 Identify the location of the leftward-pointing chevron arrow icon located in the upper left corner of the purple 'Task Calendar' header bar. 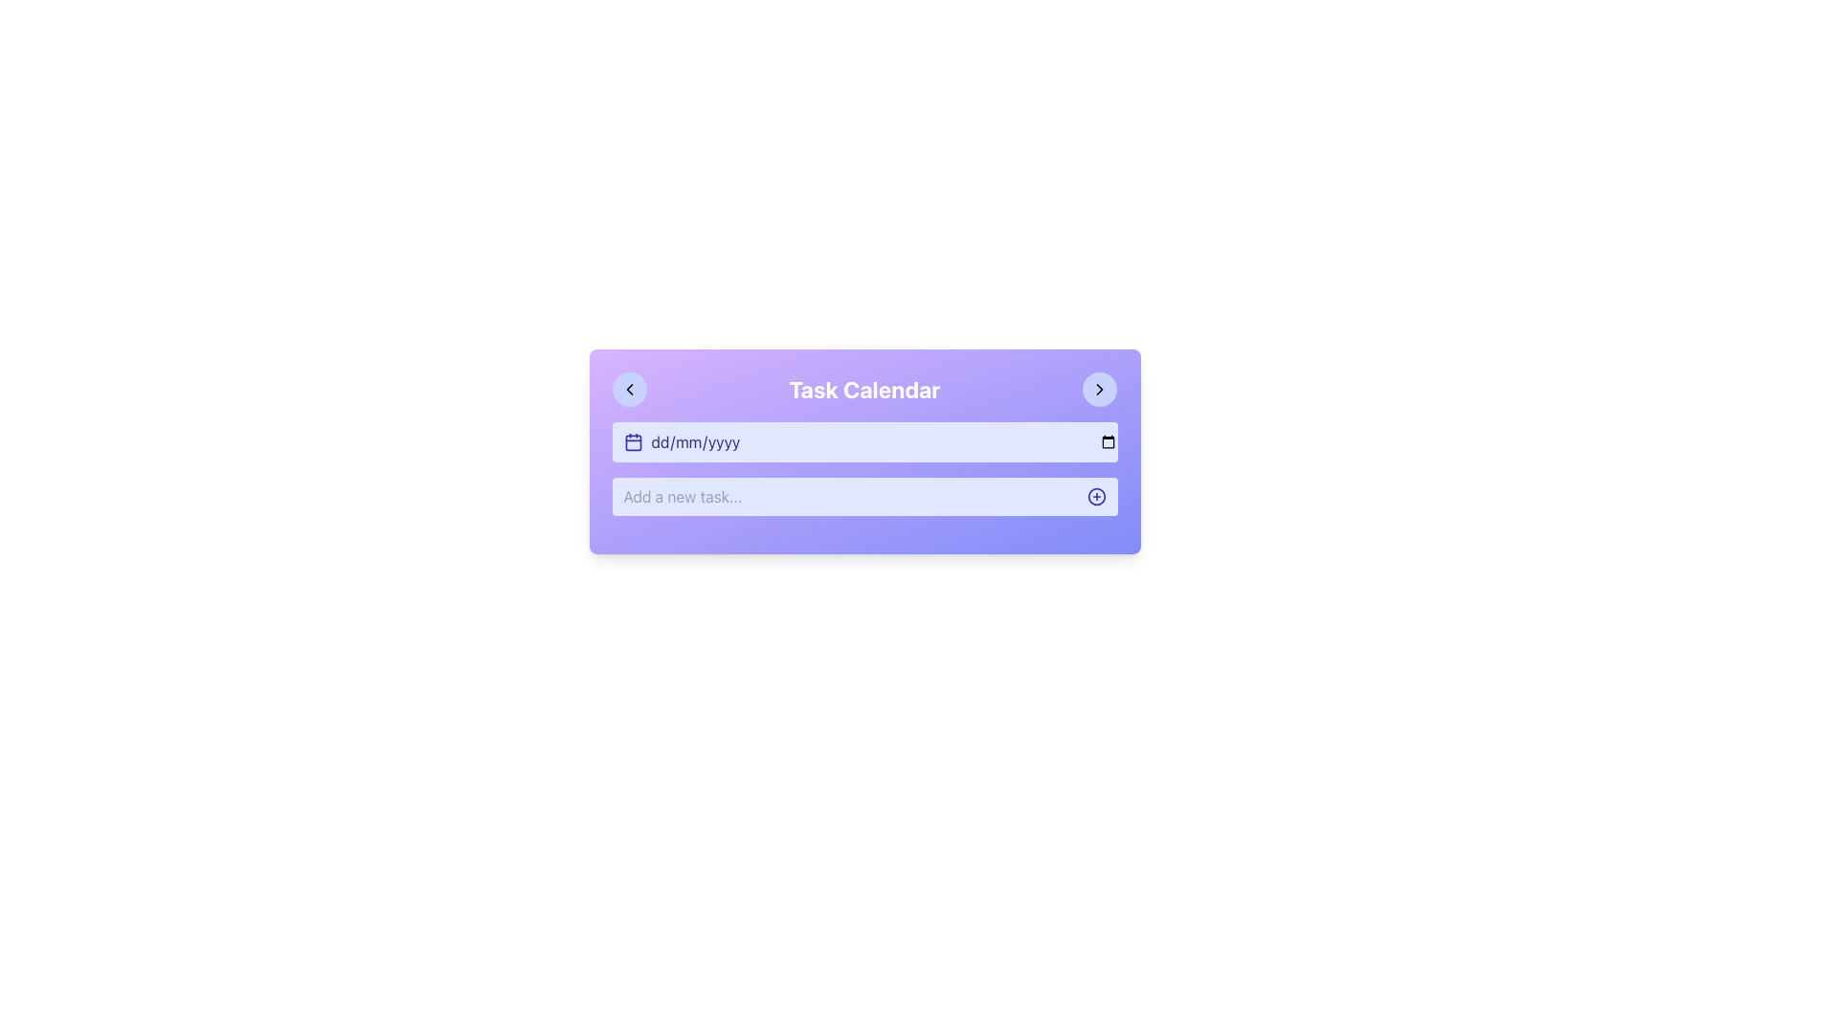
(629, 389).